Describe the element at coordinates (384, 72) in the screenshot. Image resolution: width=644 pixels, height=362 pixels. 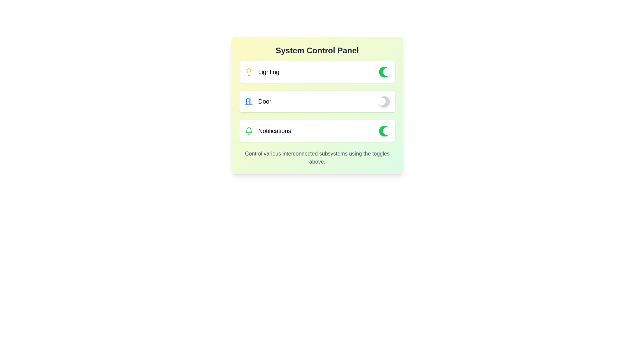
I see `the lighting toggle button to toggle its state` at that location.